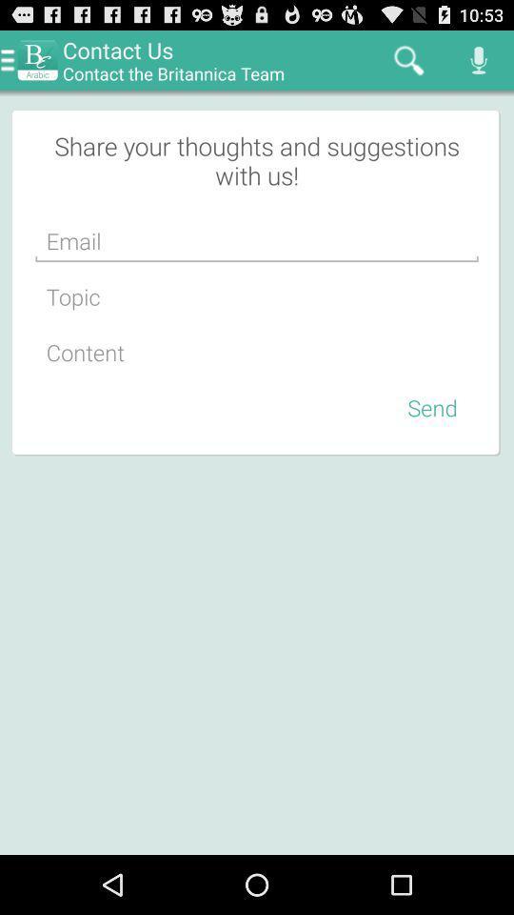 This screenshot has width=514, height=915. Describe the element at coordinates (257, 352) in the screenshot. I see `here to discuss content` at that location.